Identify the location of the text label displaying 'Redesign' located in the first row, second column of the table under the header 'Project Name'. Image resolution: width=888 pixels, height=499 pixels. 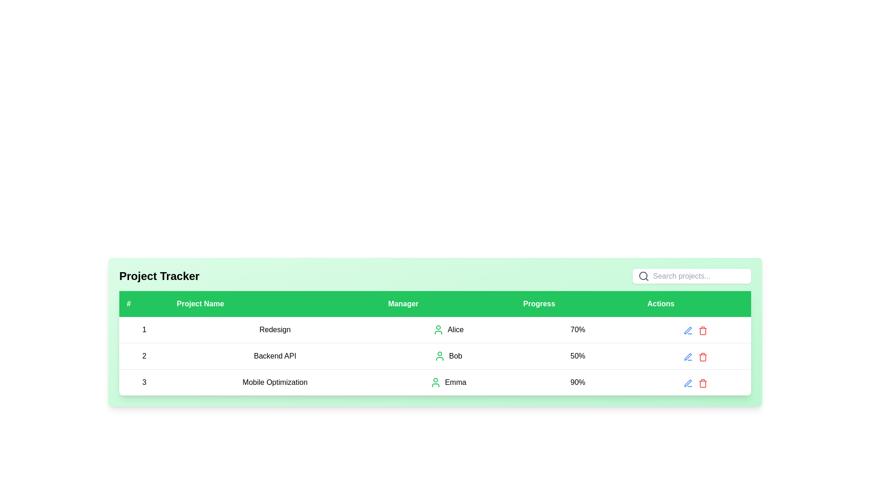
(274, 329).